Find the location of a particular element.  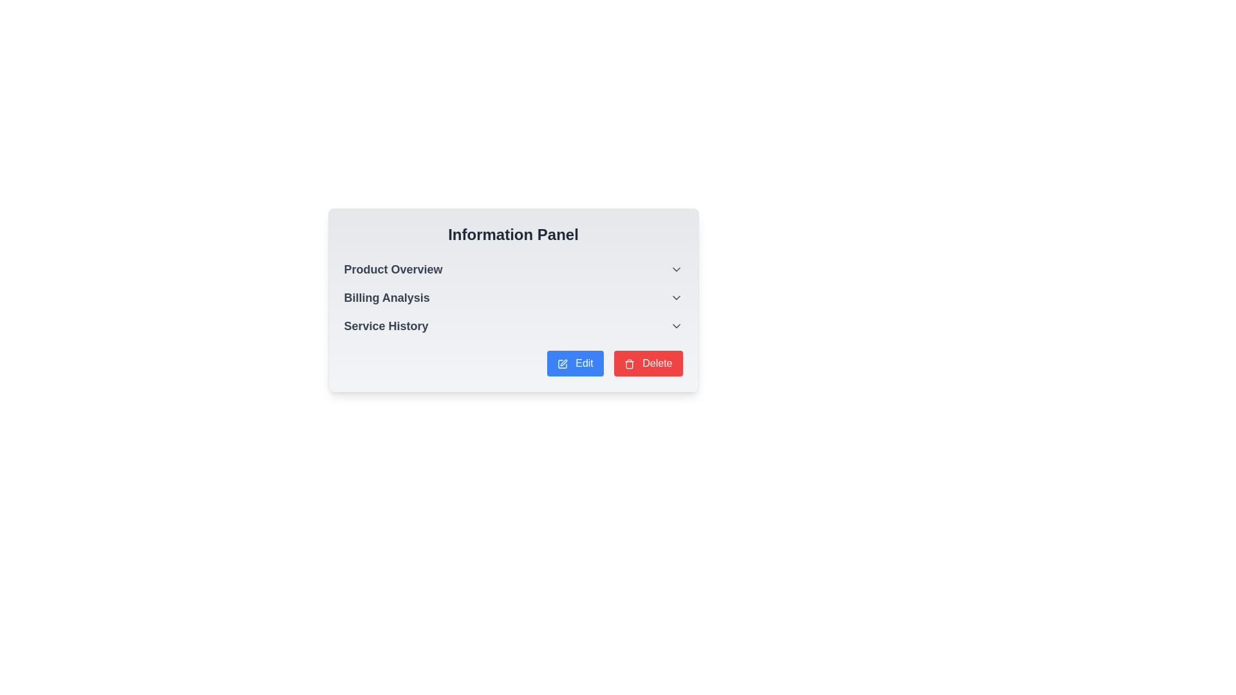

the 'Edit' button with a blue background and white text located in the bottom right section of the 'Information Panel' to observe its hover effect is located at coordinates (574, 363).